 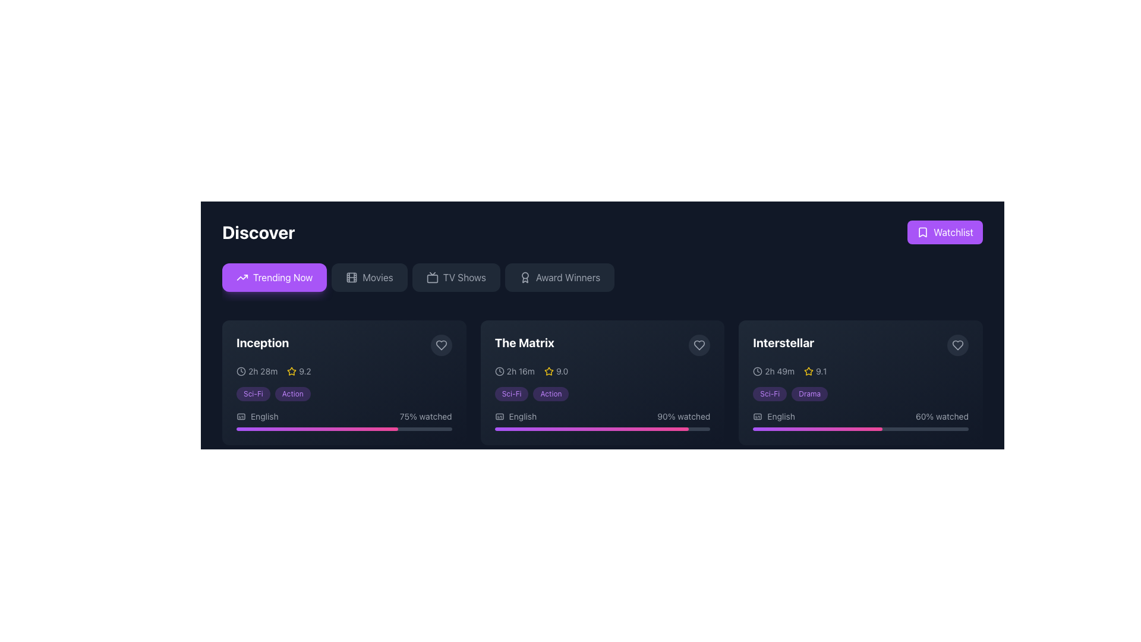 I want to click on the heart icon button located at the top right corner of the 'Inception' movie card, which is a gray outline heart within a circular translucent button, so click(x=440, y=345).